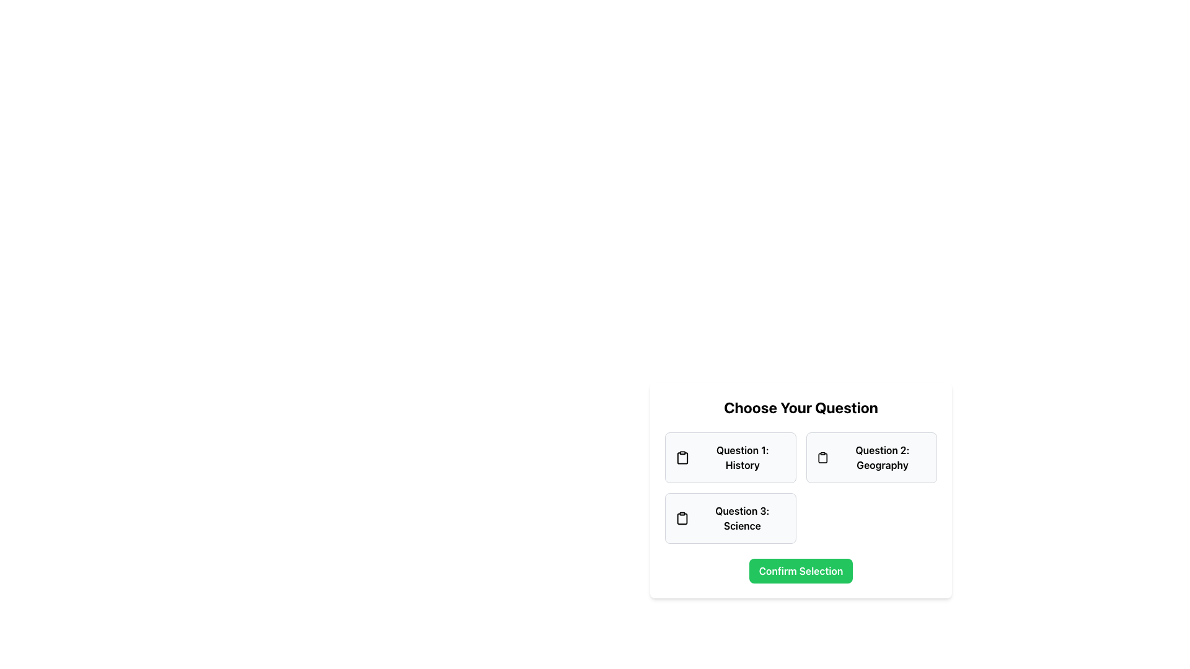  What do you see at coordinates (801, 489) in the screenshot?
I see `the 'Question 3: Science' button located in the selection interface beneath the title 'Choose Your Question'` at bounding box center [801, 489].